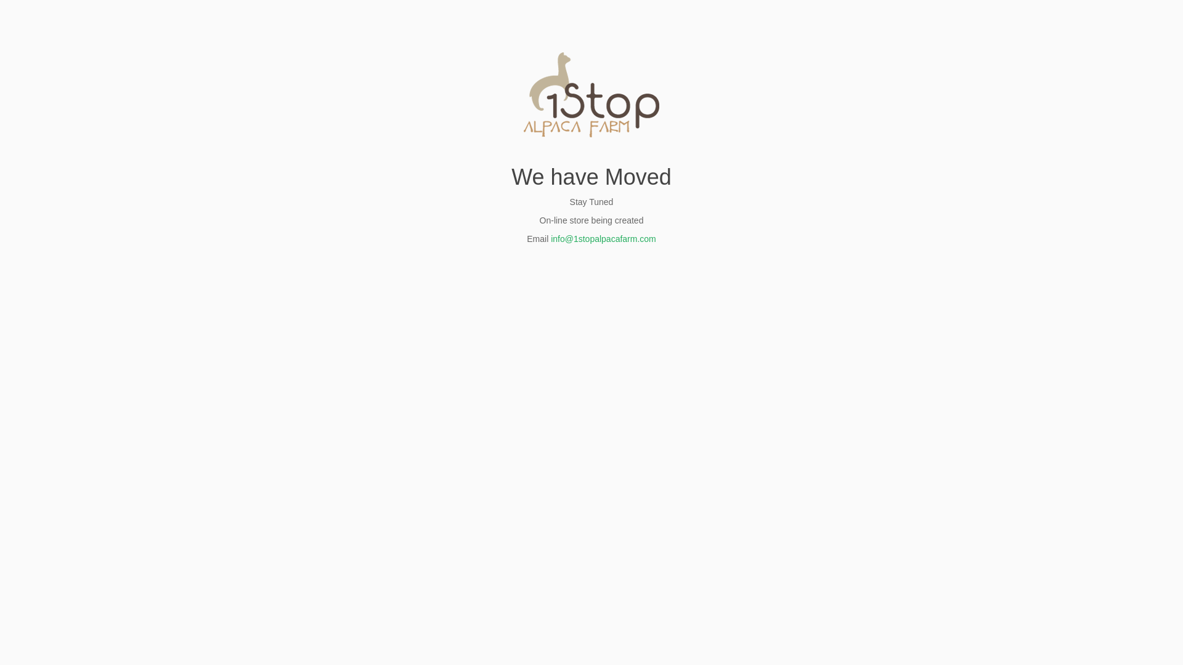 This screenshot has height=665, width=1183. I want to click on 'info@1stopalpacafarm.com', so click(603, 239).